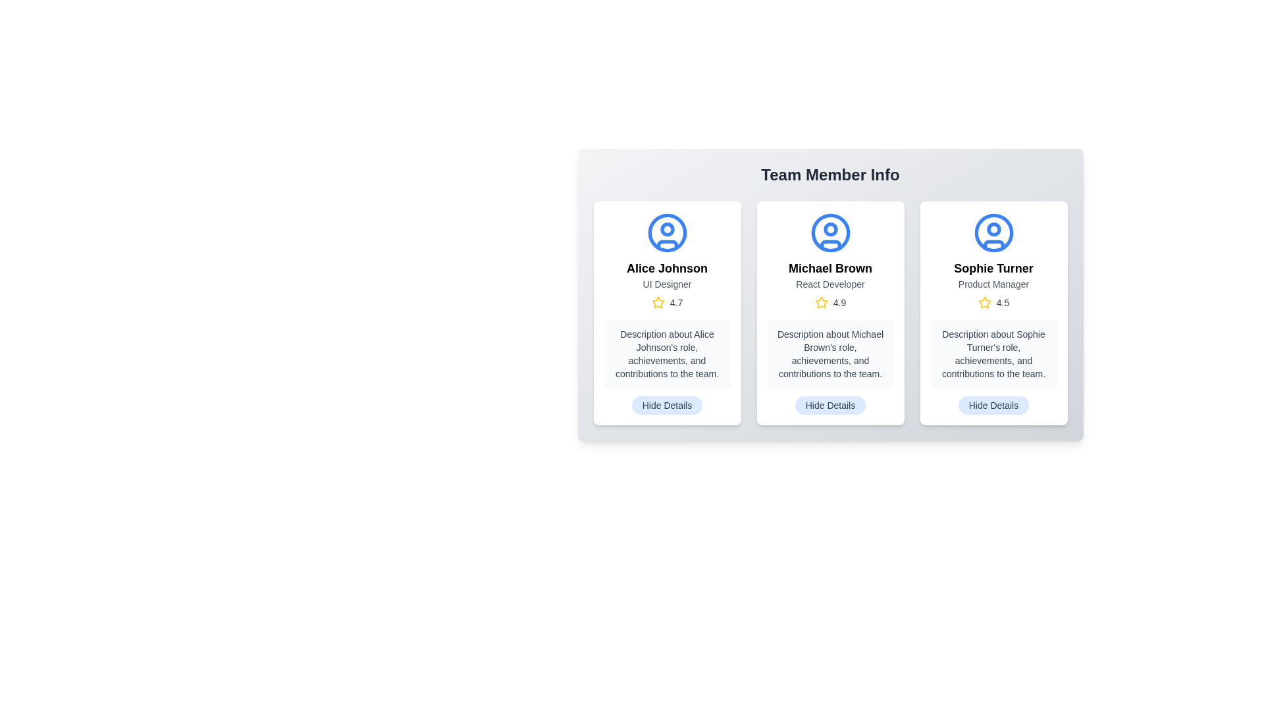 The width and height of the screenshot is (1264, 711). What do you see at coordinates (829, 353) in the screenshot?
I see `the text block element describing Michael Brown's role and contributions, located below the star rating in the middle card of the 'Team Member Info' interface` at bounding box center [829, 353].